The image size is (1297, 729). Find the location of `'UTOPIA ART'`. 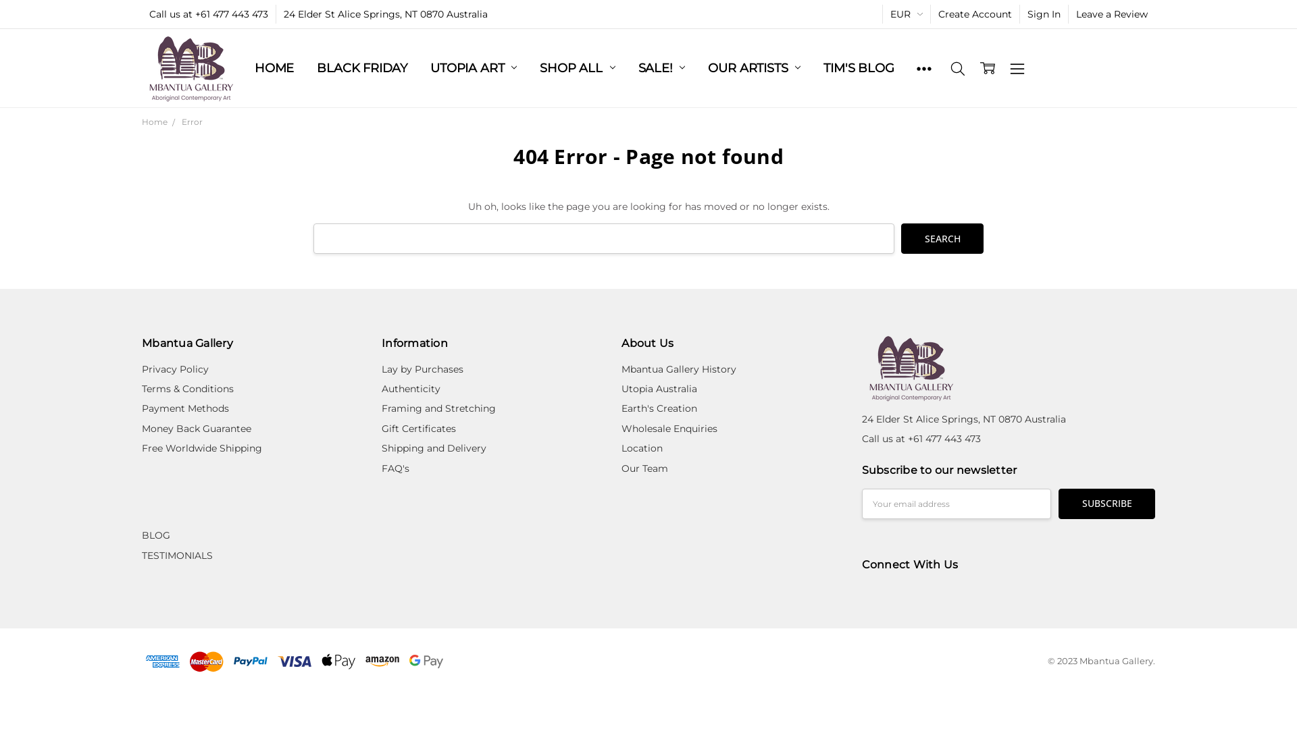

'UTOPIA ART' is located at coordinates (473, 67).